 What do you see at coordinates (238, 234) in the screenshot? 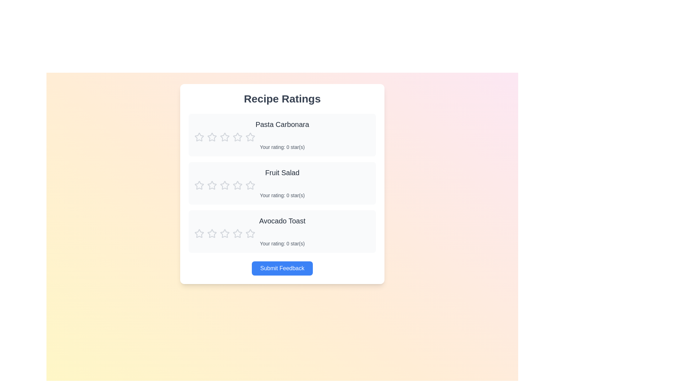
I see `the sixth star-shaped icon with a hollow center, styled with a gray outline, located under the heading 'Avocado Toast'` at bounding box center [238, 234].